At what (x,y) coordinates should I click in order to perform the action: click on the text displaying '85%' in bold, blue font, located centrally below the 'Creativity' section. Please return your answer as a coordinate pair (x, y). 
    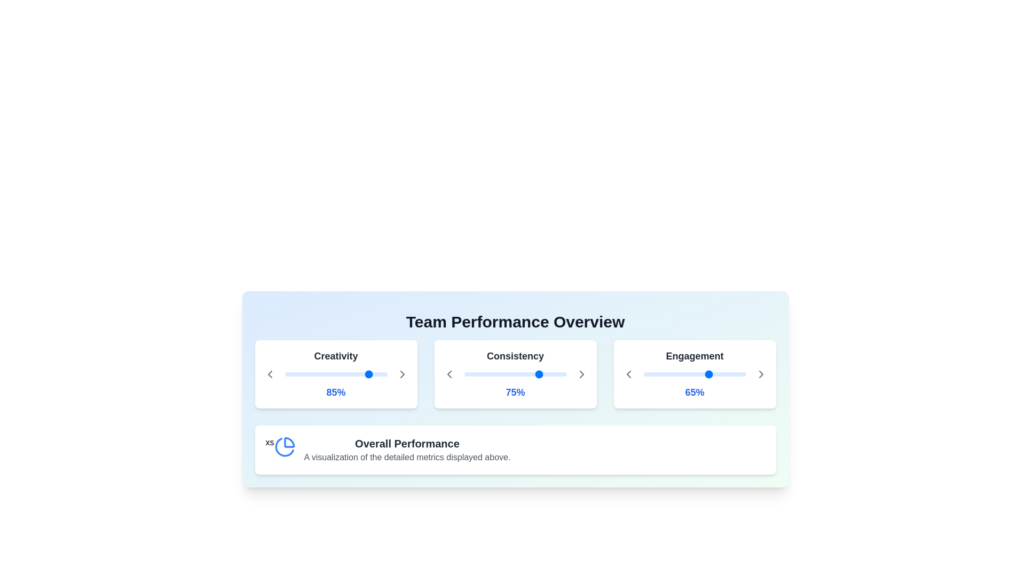
    Looking at the image, I should click on (335, 393).